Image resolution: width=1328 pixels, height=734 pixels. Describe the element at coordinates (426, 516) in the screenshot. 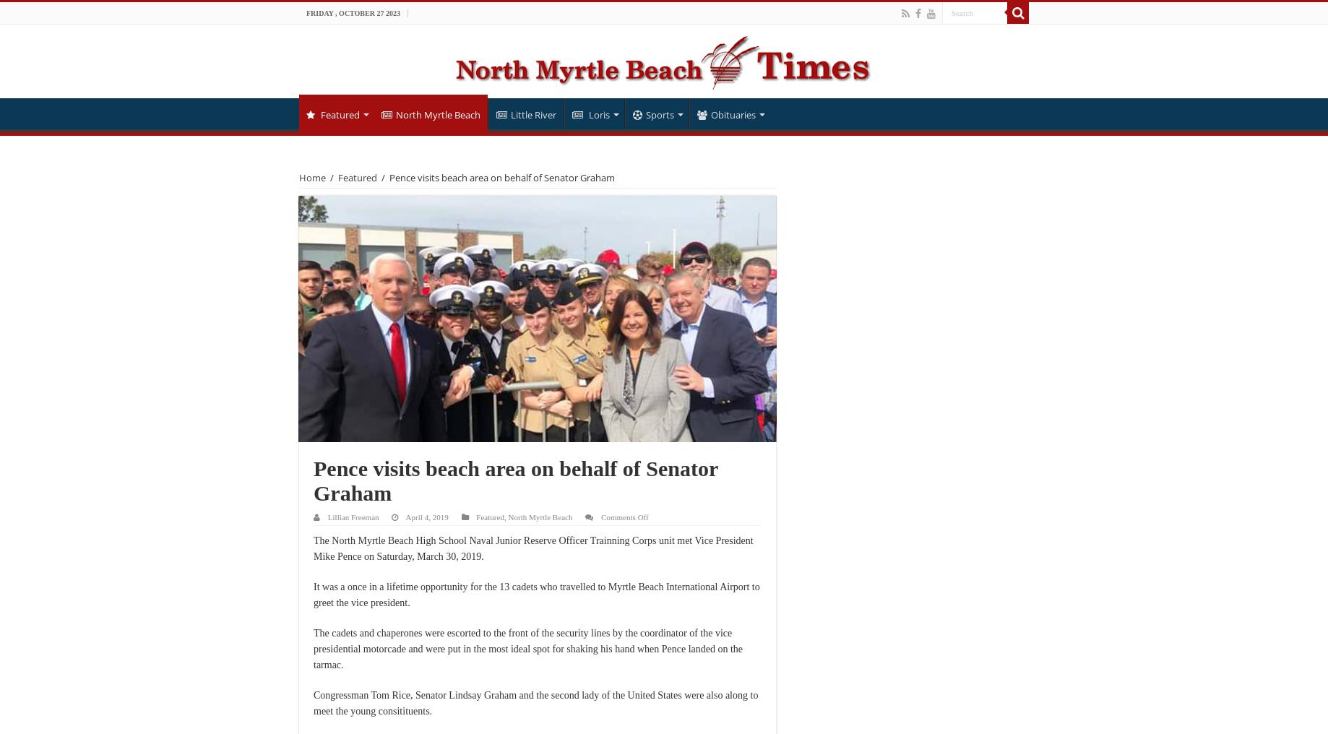

I see `'April 4, 2019'` at that location.